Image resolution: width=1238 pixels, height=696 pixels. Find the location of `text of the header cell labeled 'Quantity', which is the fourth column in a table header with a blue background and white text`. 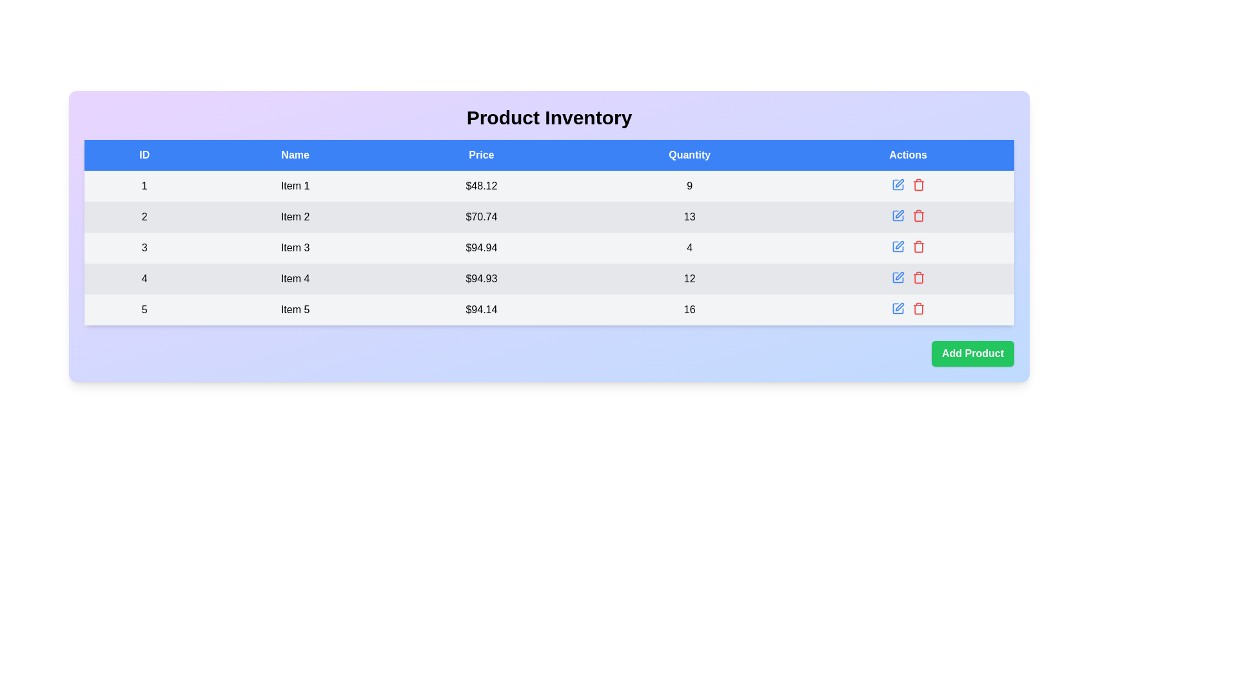

text of the header cell labeled 'Quantity', which is the fourth column in a table header with a blue background and white text is located at coordinates (689, 154).